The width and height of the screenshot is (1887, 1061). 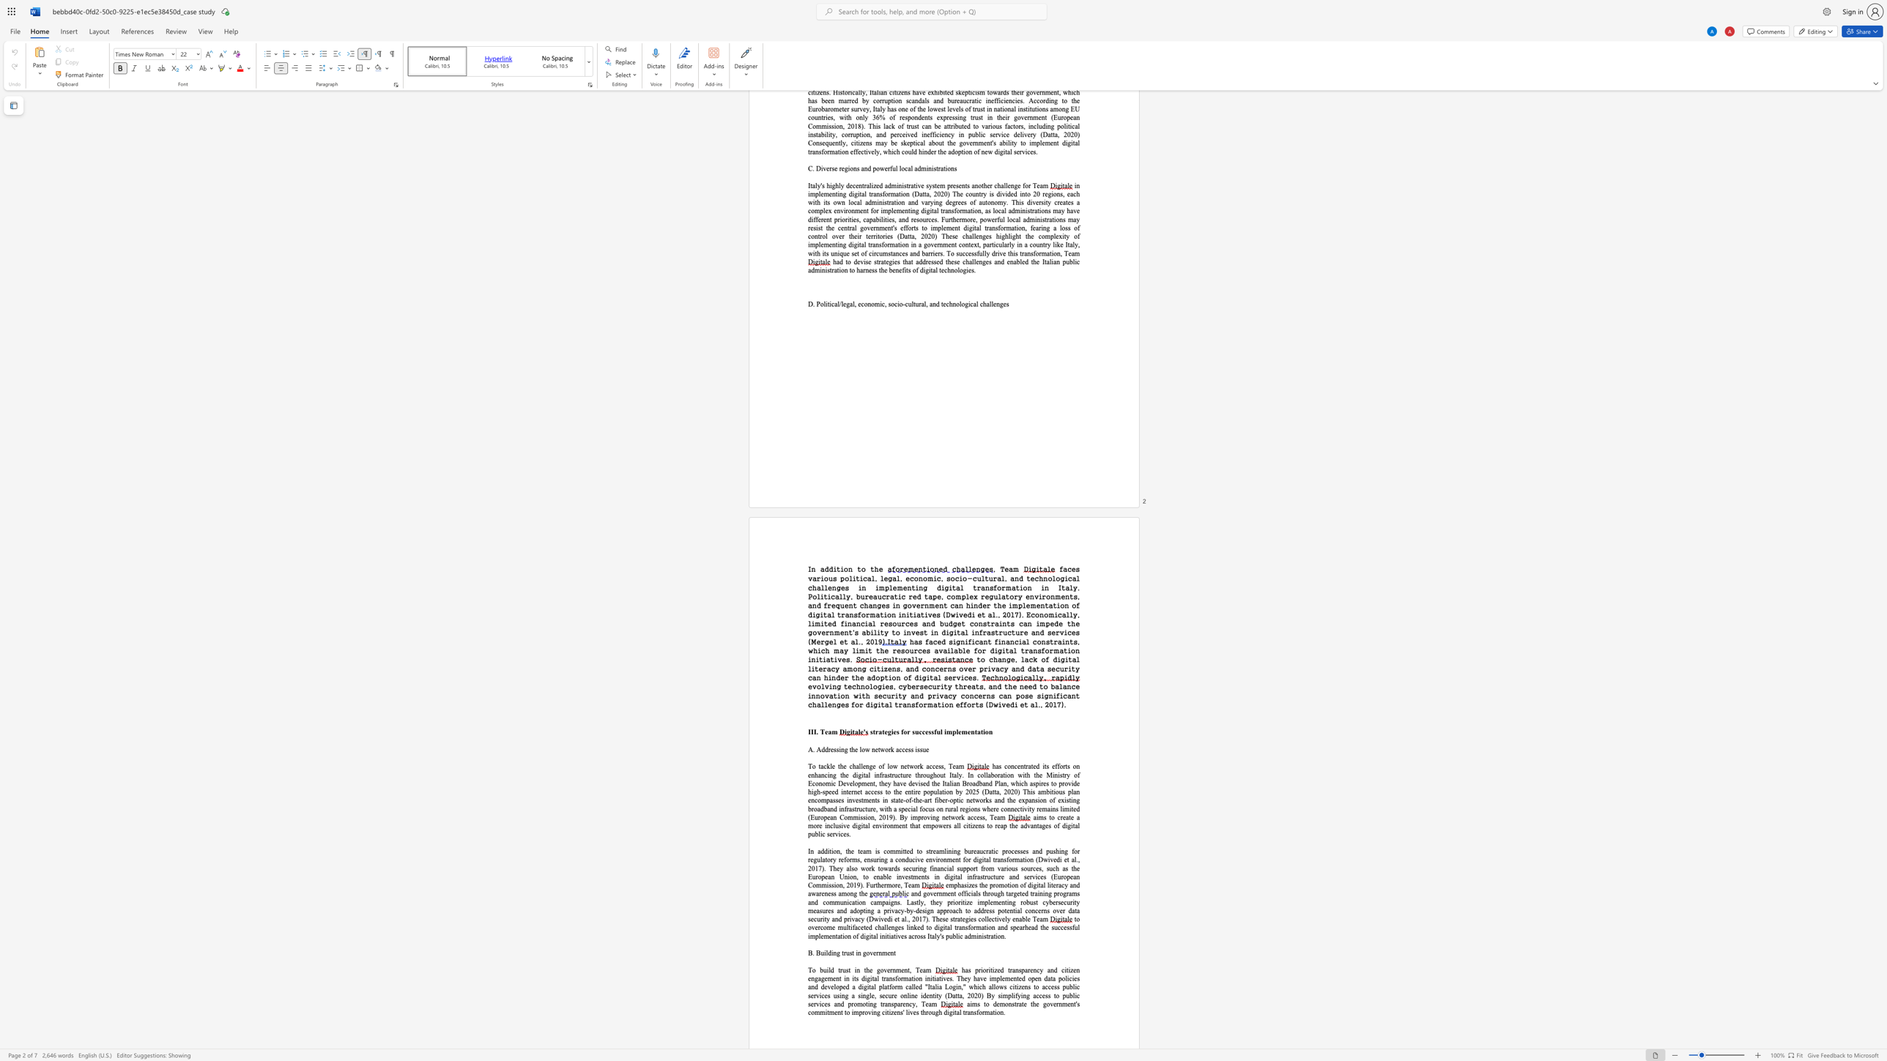 What do you see at coordinates (978, 969) in the screenshot?
I see `the subset text "rioritized transparency and citizen engageme" within the text "has prioritized transparency and citizen engagement in its digital transformation initiatives. They have implemented open data policies and developed a digital platform called"` at bounding box center [978, 969].